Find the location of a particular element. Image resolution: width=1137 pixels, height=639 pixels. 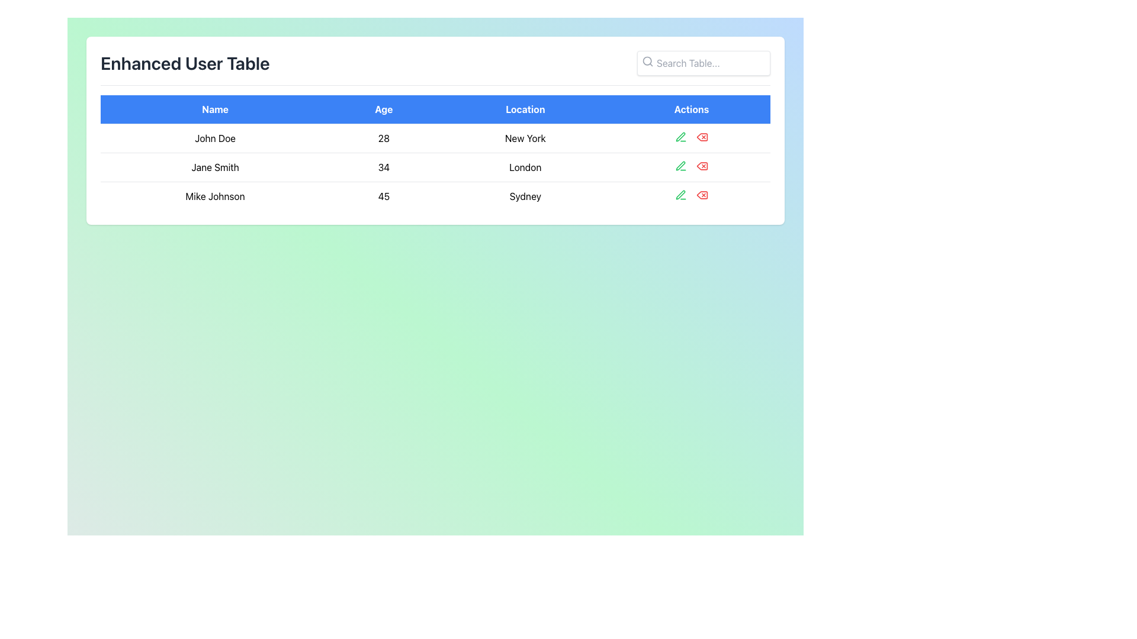

the text label displaying 'Jane Smith' in black font, which is part of the 'Name' column in a table row is located at coordinates (215, 167).